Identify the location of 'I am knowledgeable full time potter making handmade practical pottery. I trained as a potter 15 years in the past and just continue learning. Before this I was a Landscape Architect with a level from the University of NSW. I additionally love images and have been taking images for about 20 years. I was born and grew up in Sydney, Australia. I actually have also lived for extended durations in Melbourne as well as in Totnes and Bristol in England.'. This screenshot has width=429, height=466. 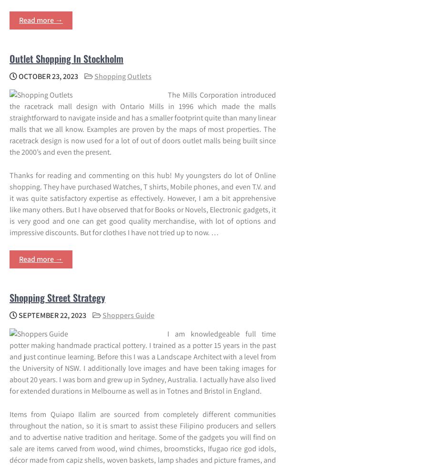
(142, 361).